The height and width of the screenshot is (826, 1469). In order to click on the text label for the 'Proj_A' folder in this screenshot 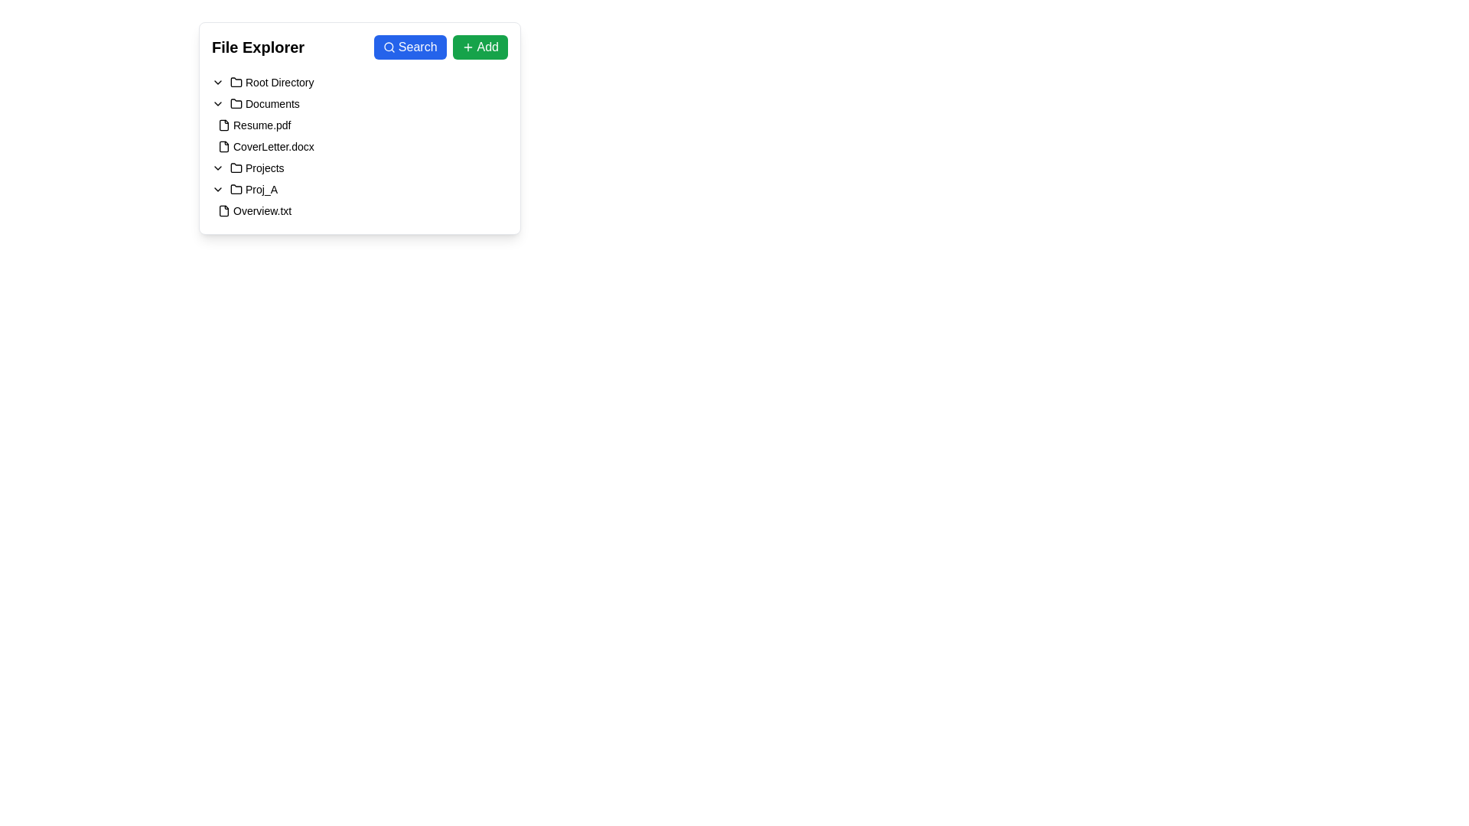, I will do `click(261, 188)`.